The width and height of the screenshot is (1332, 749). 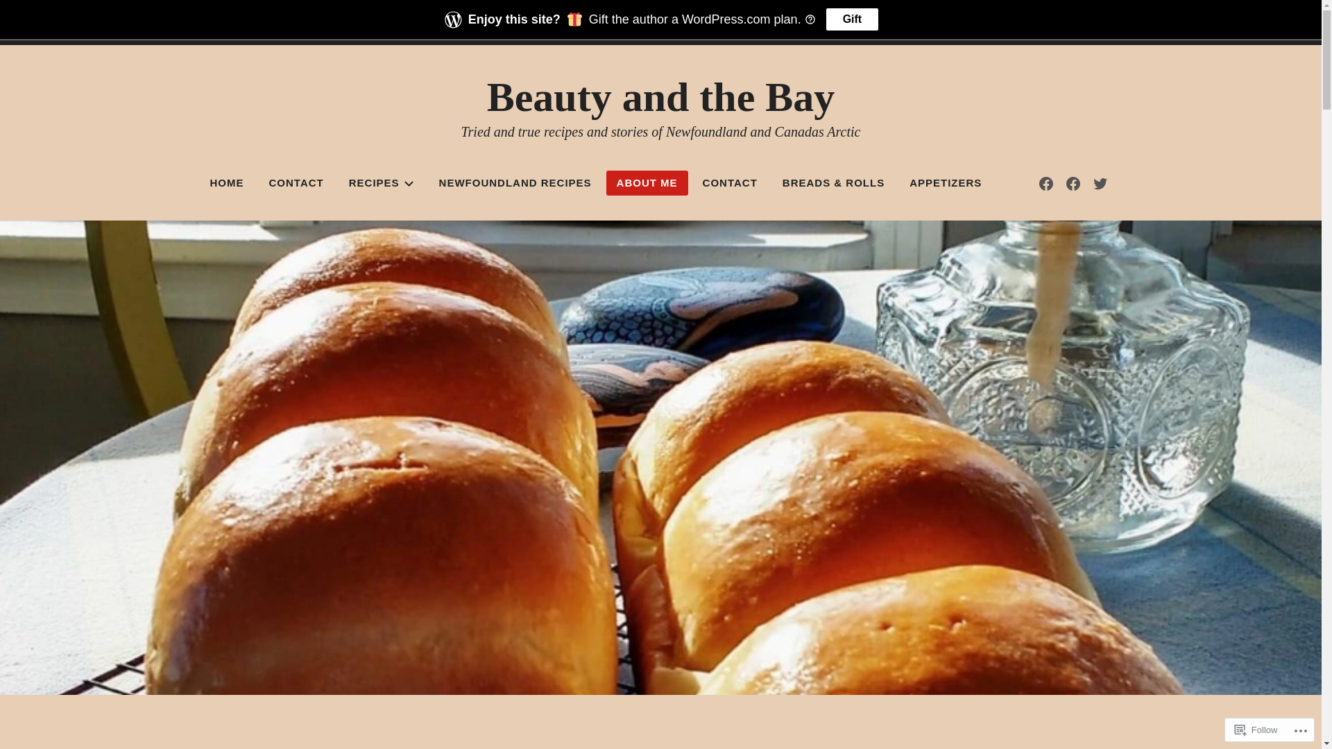 What do you see at coordinates (945, 182) in the screenshot?
I see `'APPETIZERS'` at bounding box center [945, 182].